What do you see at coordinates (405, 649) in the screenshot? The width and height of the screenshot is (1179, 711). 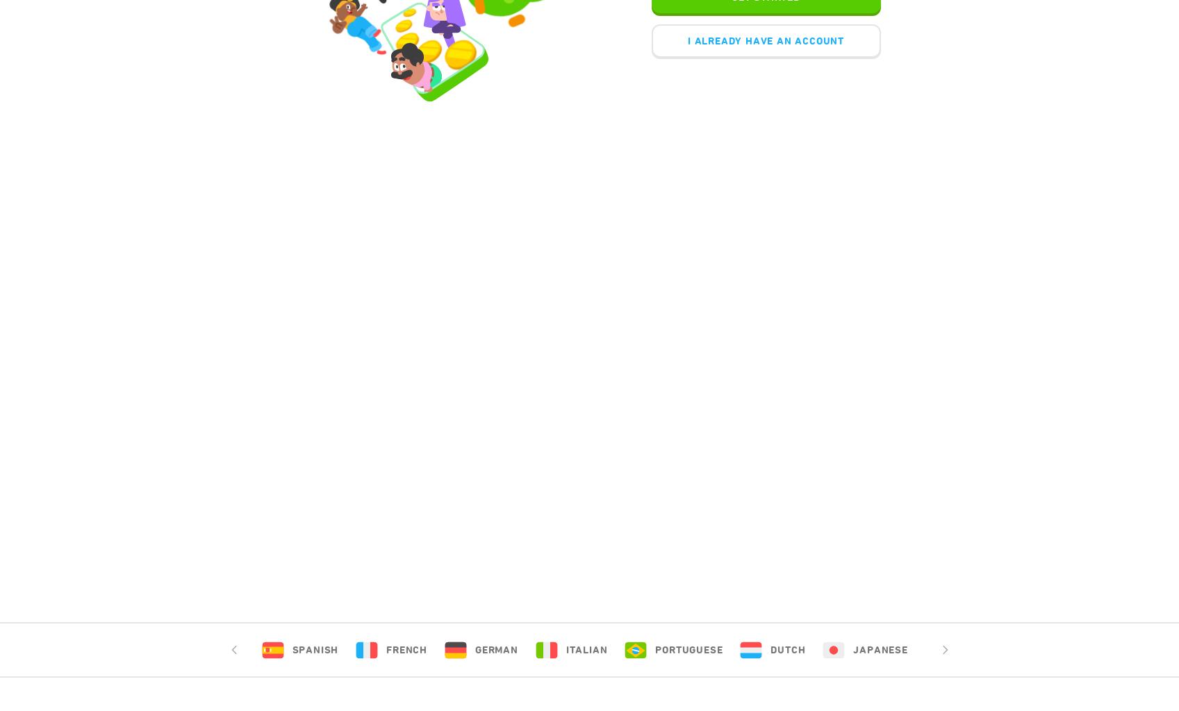 I see `'French'` at bounding box center [405, 649].